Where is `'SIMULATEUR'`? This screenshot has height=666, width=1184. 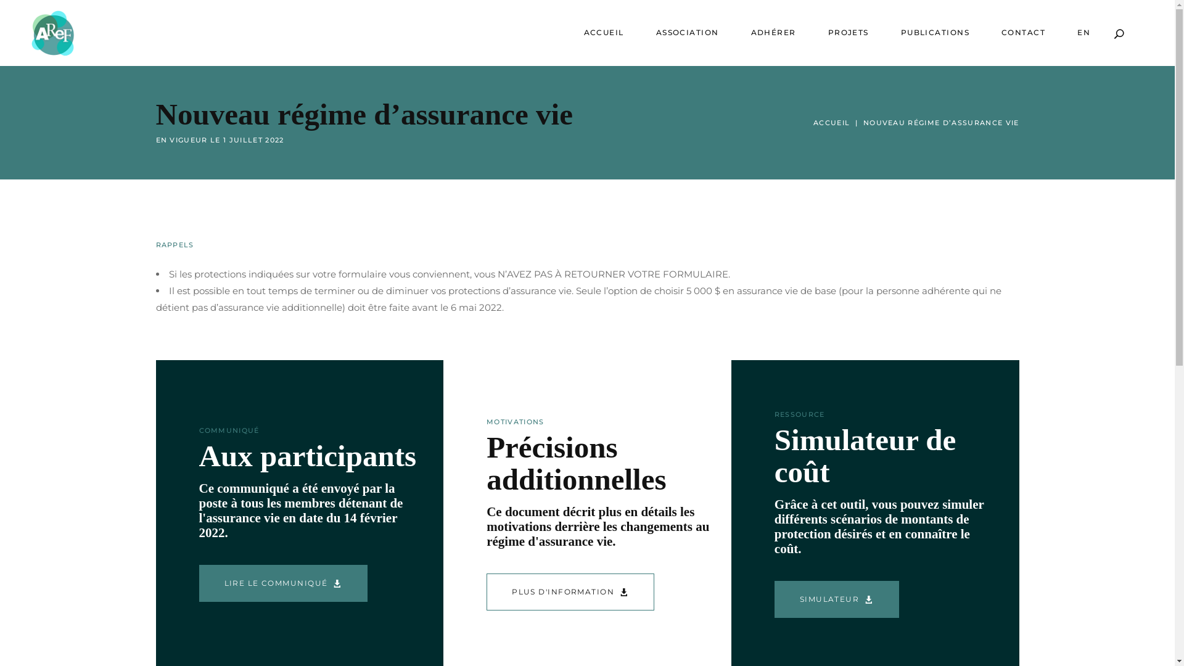
'SIMULATEUR' is located at coordinates (774, 599).